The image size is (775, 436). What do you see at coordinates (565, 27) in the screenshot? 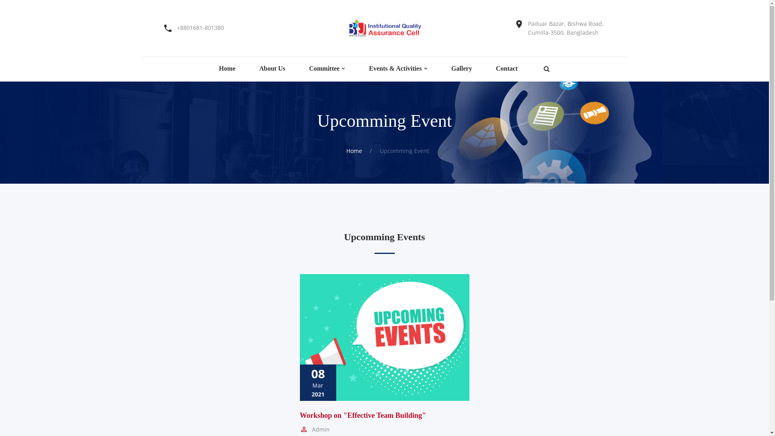
I see `'Paduar Bazar, Bishwa Road, Cumilla-3500, Bangladesh'` at bounding box center [565, 27].